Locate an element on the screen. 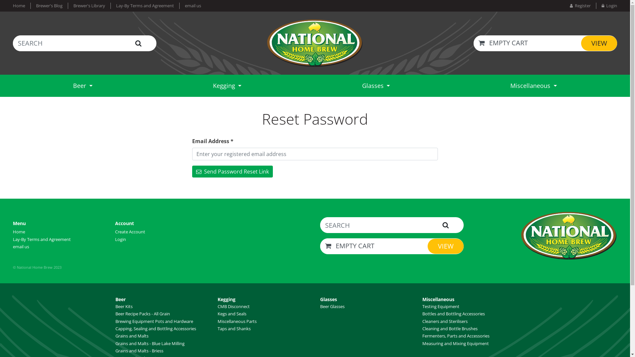  'Measuring and Mixing Equipment' is located at coordinates (455, 343).